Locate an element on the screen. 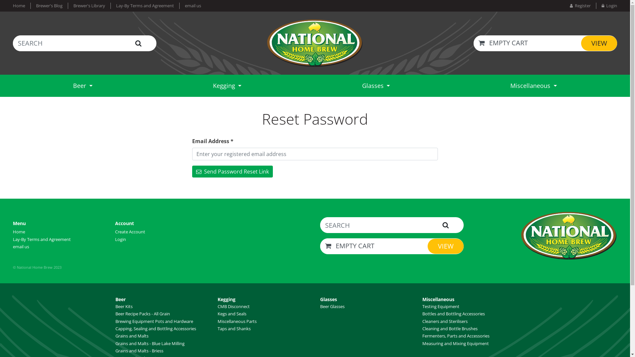  'Measuring and Mixing Equipment' is located at coordinates (455, 343).